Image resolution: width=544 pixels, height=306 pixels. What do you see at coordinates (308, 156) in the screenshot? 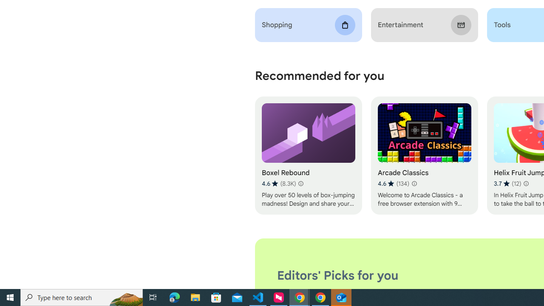
I see `'Boxel Rebound'` at bounding box center [308, 156].